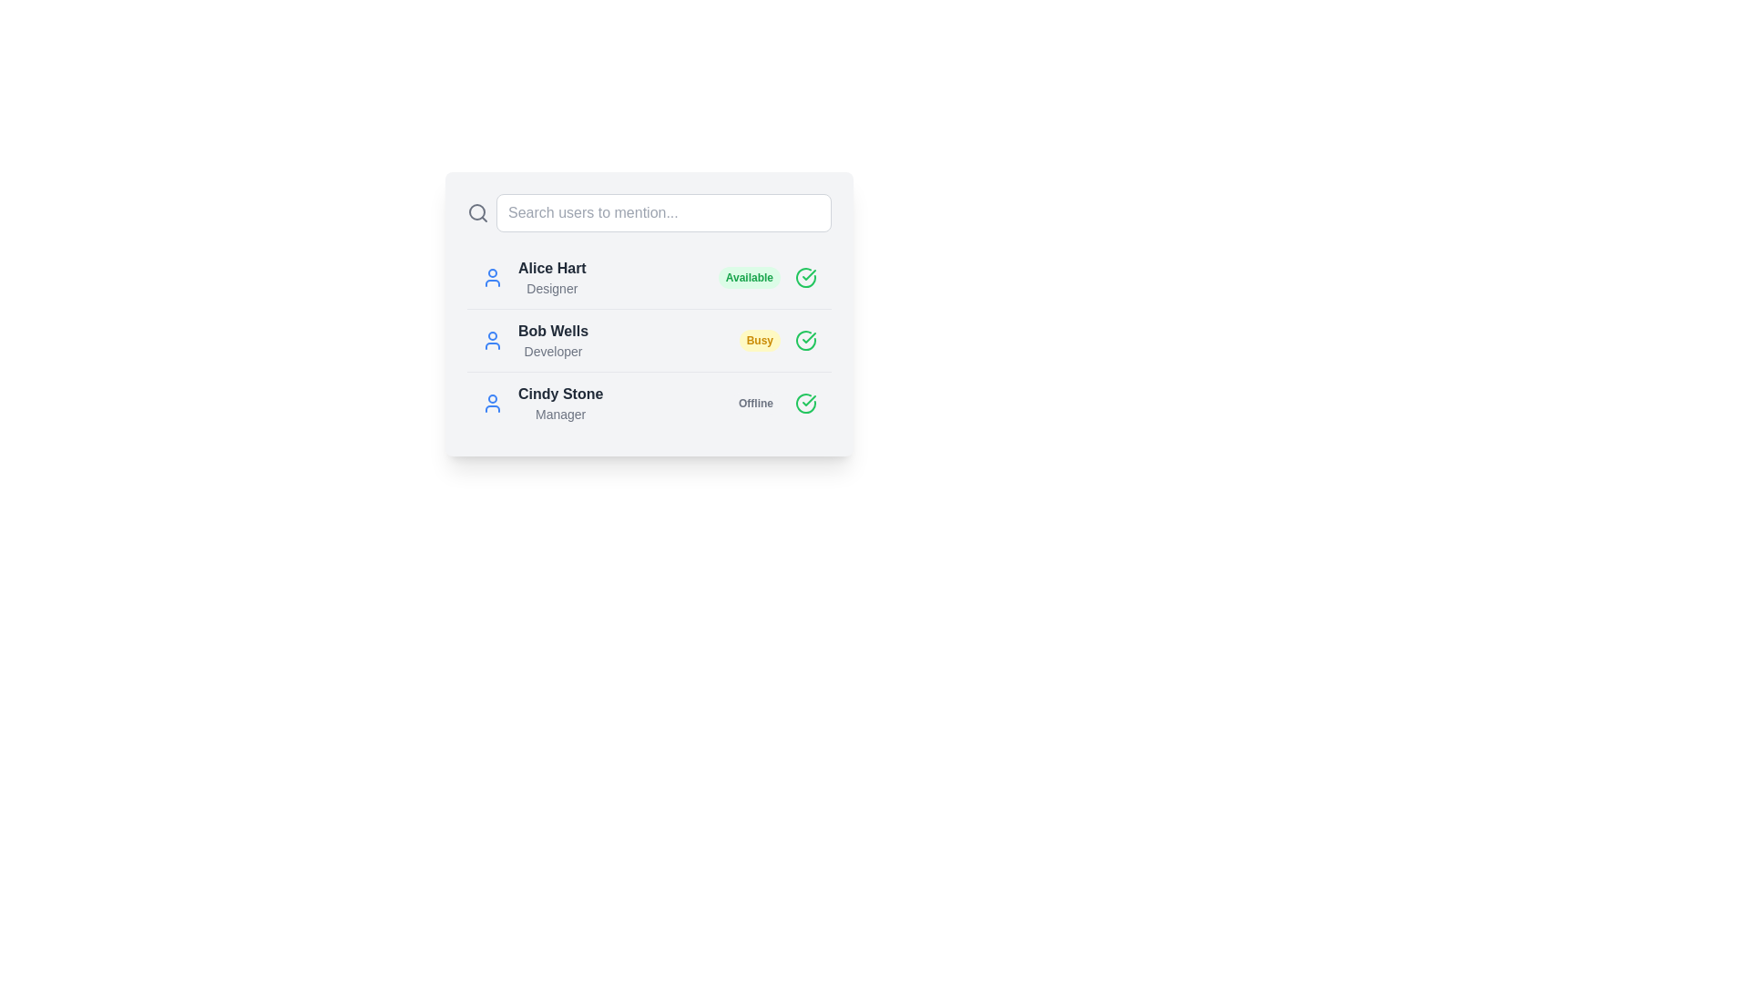  I want to click on the second list item representing a user's availability and role, so click(649, 340).